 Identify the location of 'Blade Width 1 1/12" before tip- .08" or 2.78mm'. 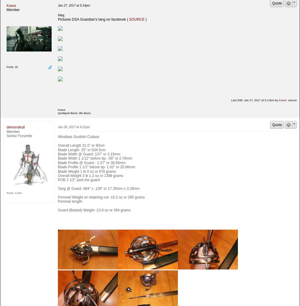
(94, 158).